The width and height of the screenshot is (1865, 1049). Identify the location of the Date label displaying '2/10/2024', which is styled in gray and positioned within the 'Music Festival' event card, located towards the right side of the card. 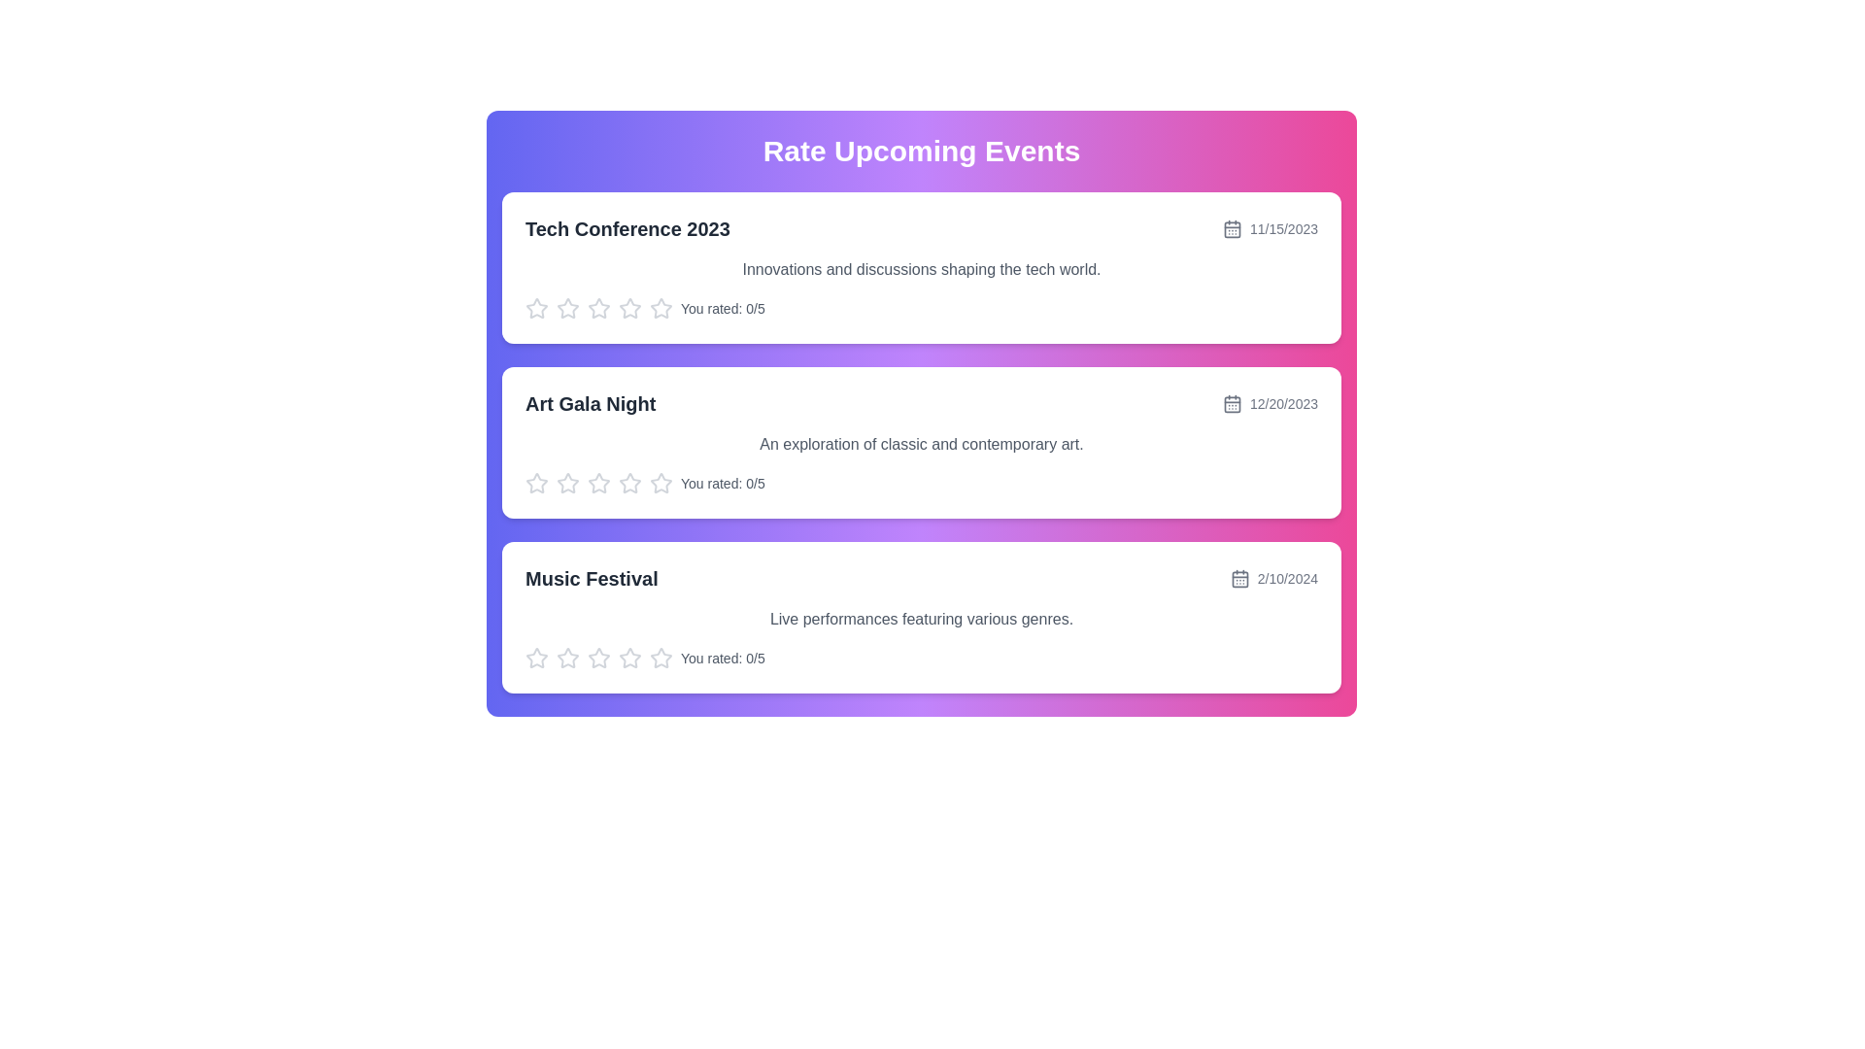
(1273, 578).